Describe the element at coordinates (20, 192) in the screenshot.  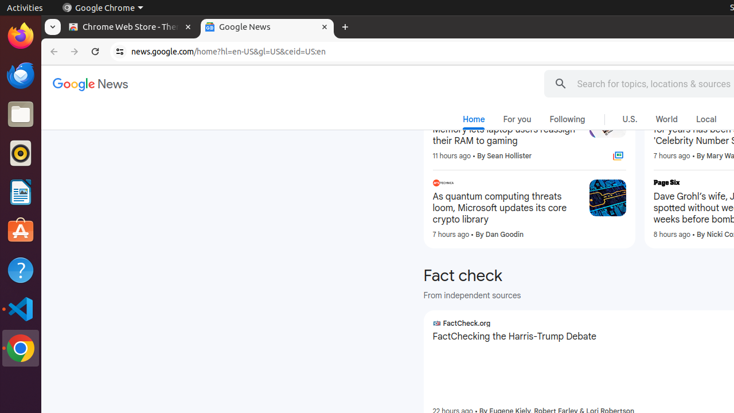
I see `'LibreOffice Writer'` at that location.